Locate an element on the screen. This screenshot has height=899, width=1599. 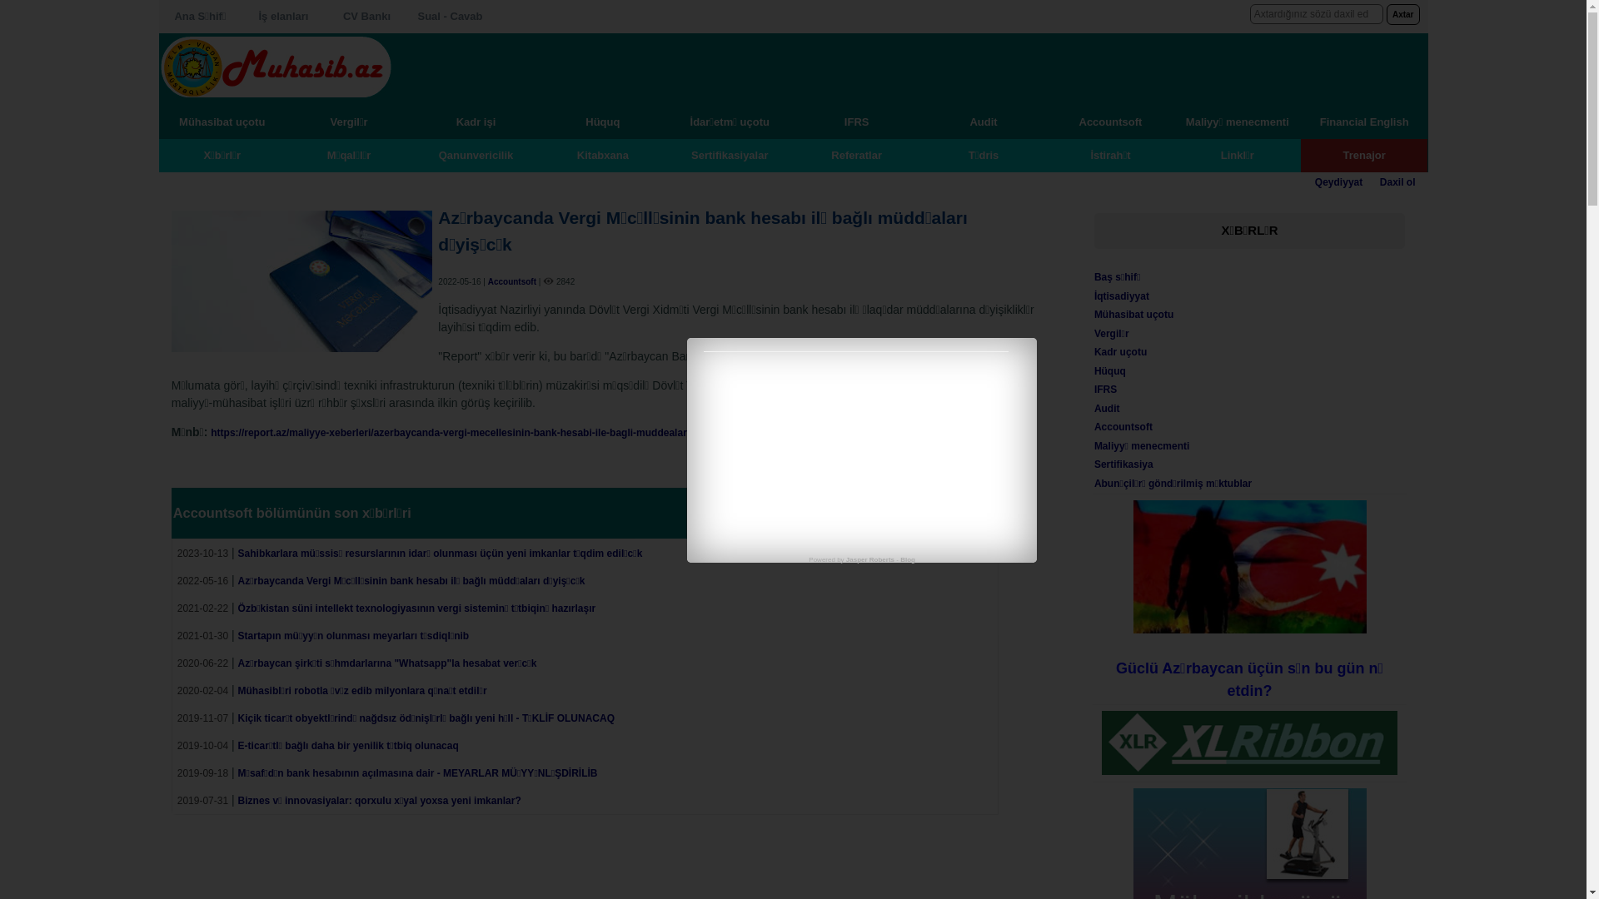
'Axtar' is located at coordinates (1402, 14).